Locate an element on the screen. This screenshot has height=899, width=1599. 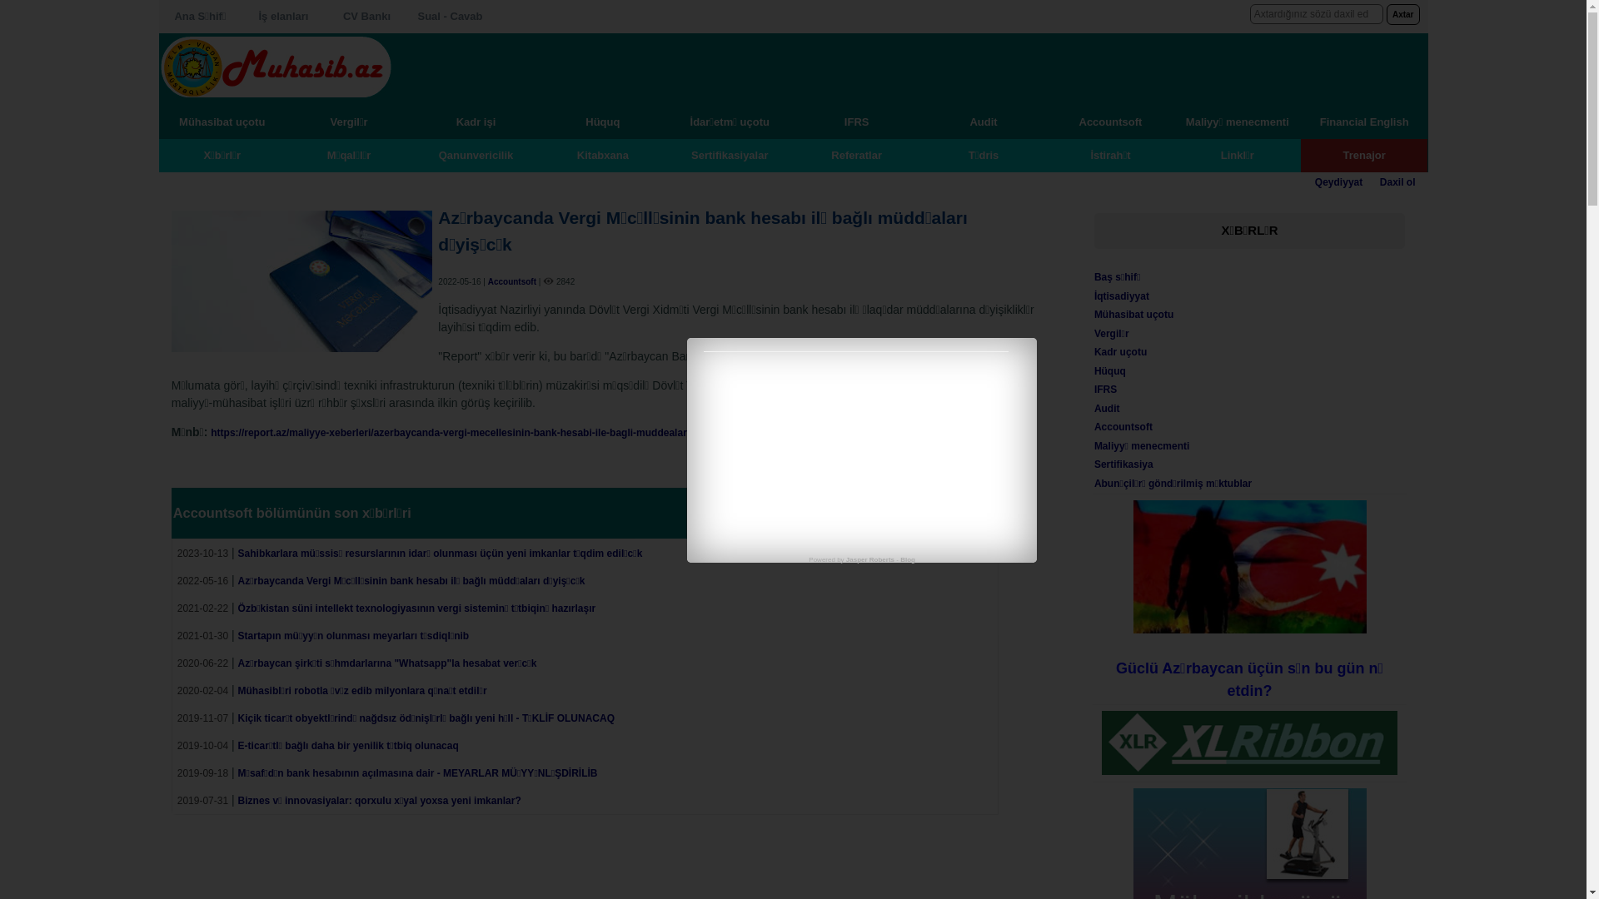
'Axtar' is located at coordinates (1402, 14).